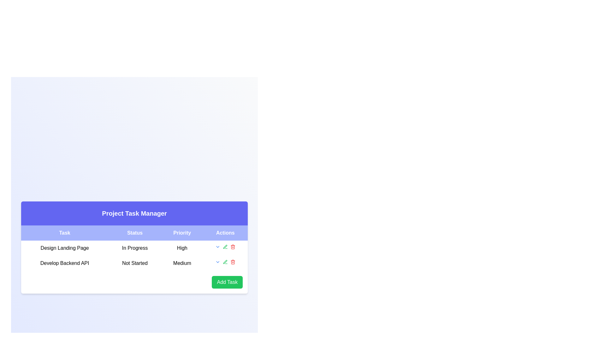 This screenshot has height=341, width=606. I want to click on text label displaying the priority level ('High') for the task 'Design Landing Page', located in the third column of the table next to the 'In Progress' status label, so click(182, 248).